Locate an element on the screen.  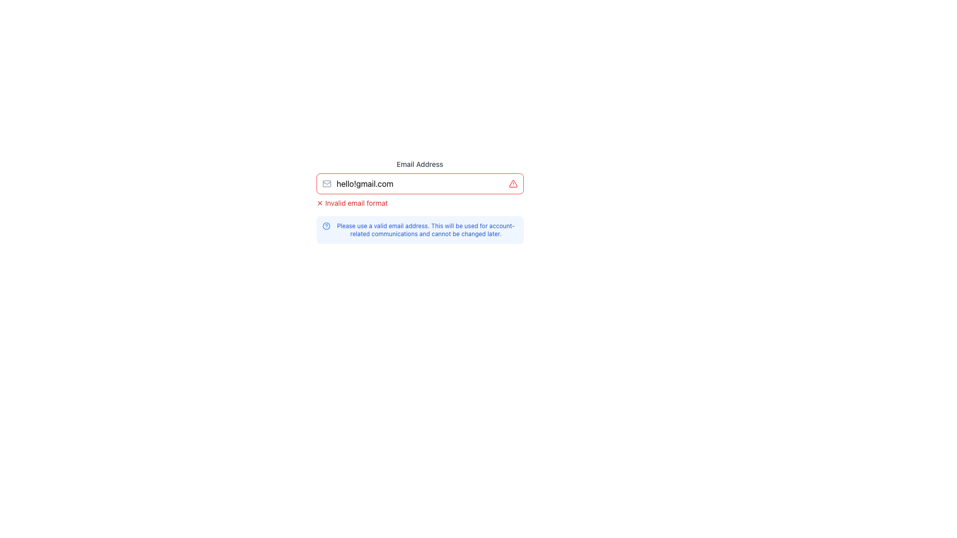
the notification icon that indicates an issue related to the adjacent email input field, positioned to the right and aligned with the field's vertical center is located at coordinates (513, 184).